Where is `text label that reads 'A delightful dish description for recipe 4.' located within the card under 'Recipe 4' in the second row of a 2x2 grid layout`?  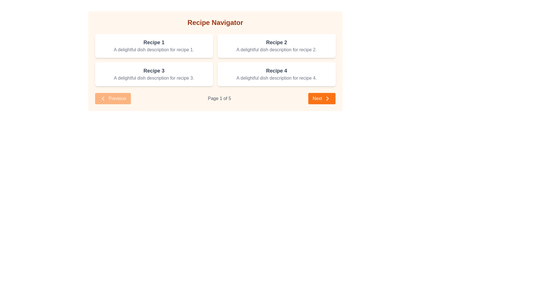 text label that reads 'A delightful dish description for recipe 4.' located within the card under 'Recipe 4' in the second row of a 2x2 grid layout is located at coordinates (276, 78).